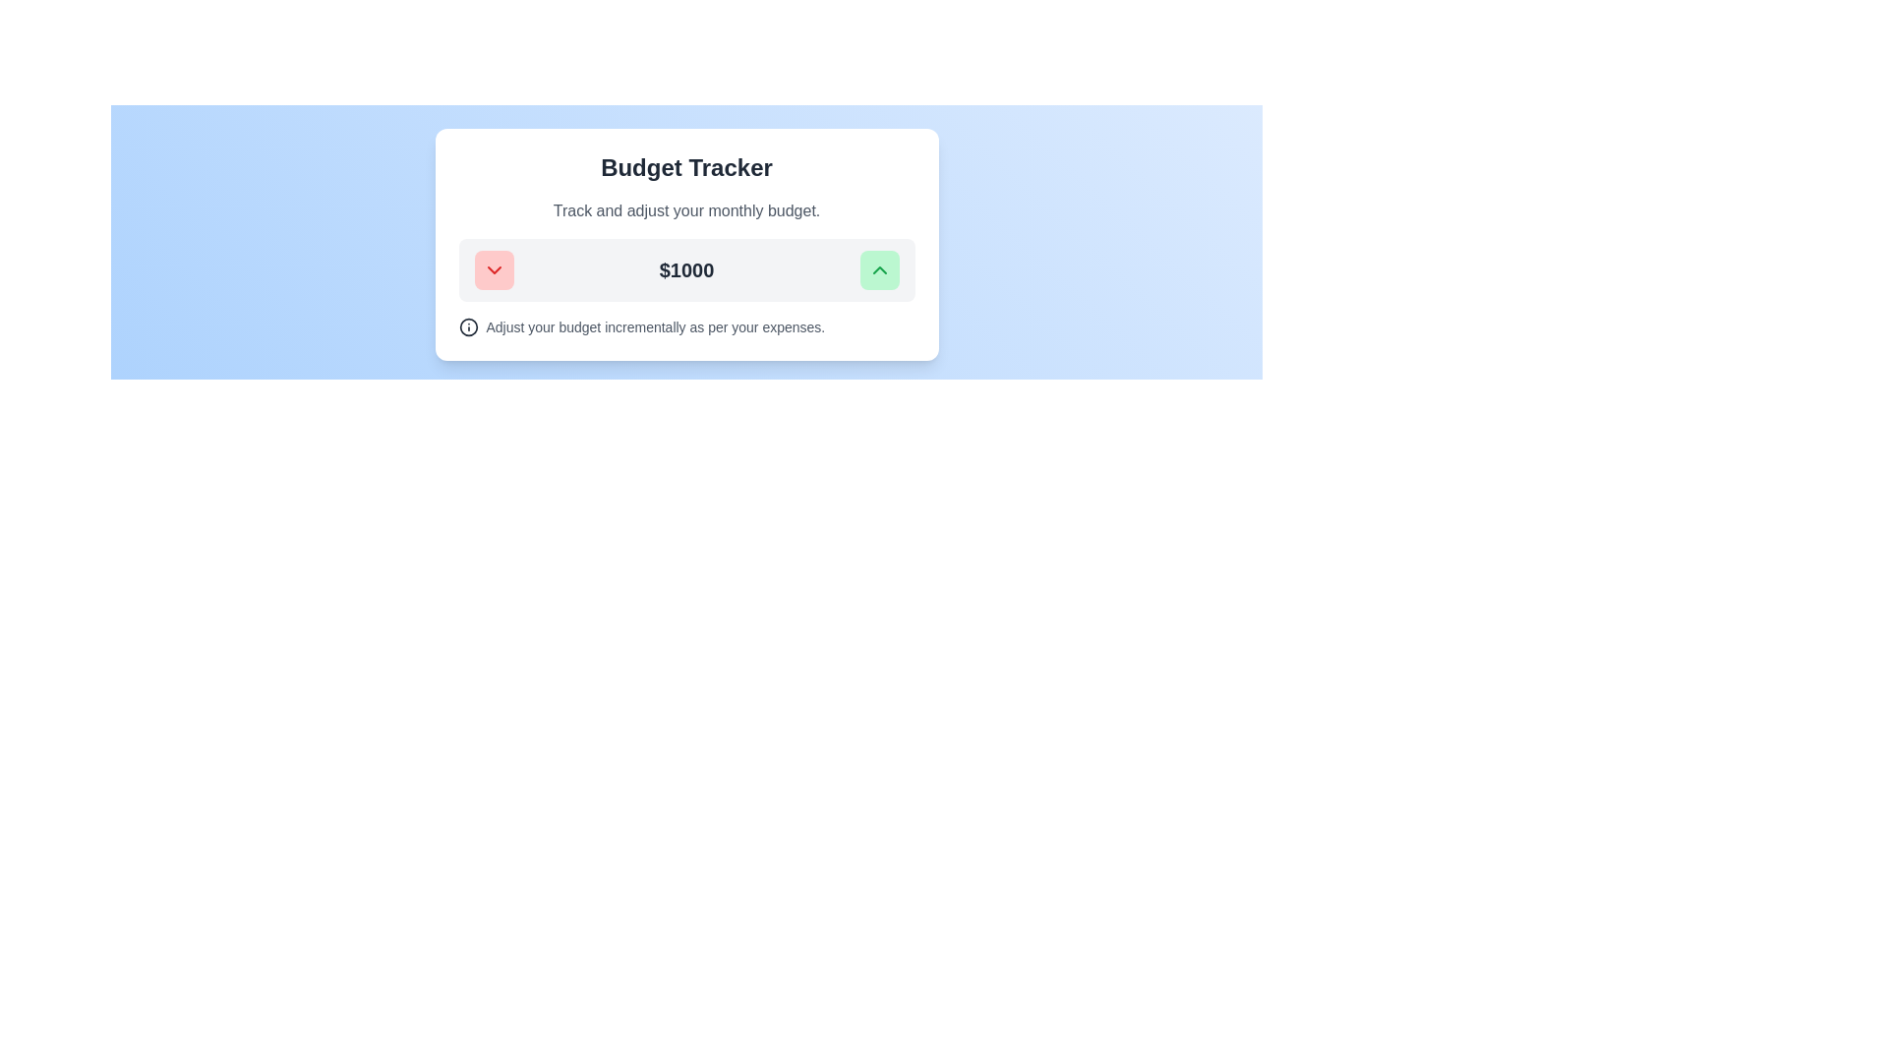 The width and height of the screenshot is (1888, 1062). What do you see at coordinates (494, 269) in the screenshot?
I see `the small, square-shaped button with rounded corners and a red background, featuring a downward-pointing chevron icon, to decrease the budget amount` at bounding box center [494, 269].